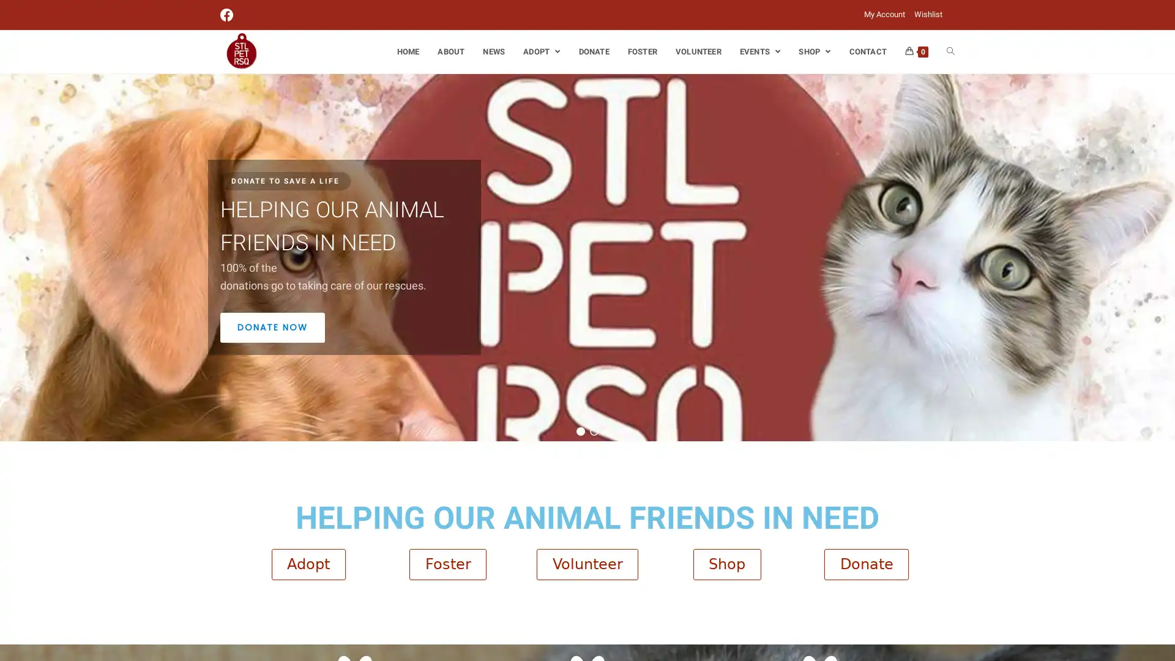 This screenshot has height=661, width=1175. I want to click on Trick or Treat, so click(594, 430).